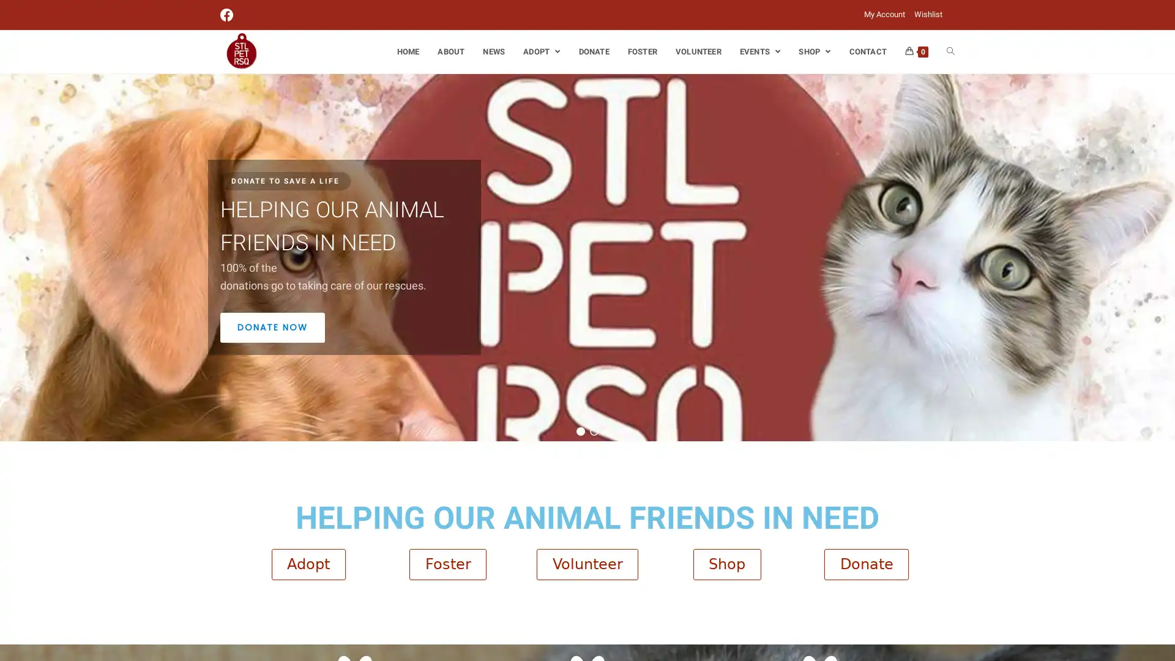 This screenshot has height=661, width=1175. I want to click on Trick or Treat, so click(594, 430).